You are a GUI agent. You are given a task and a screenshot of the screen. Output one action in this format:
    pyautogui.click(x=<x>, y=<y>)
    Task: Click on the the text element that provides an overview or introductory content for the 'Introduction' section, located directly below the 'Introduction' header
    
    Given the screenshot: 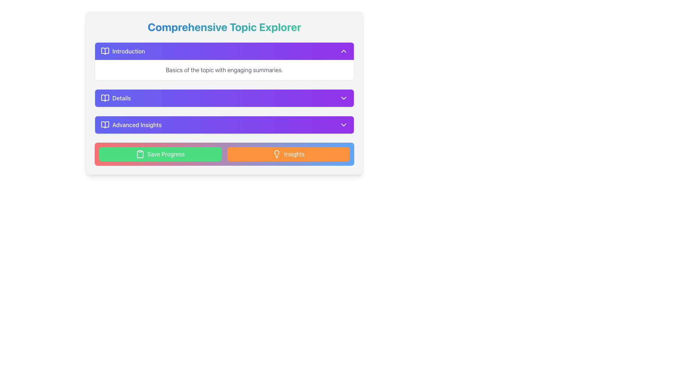 What is the action you would take?
    pyautogui.click(x=224, y=70)
    